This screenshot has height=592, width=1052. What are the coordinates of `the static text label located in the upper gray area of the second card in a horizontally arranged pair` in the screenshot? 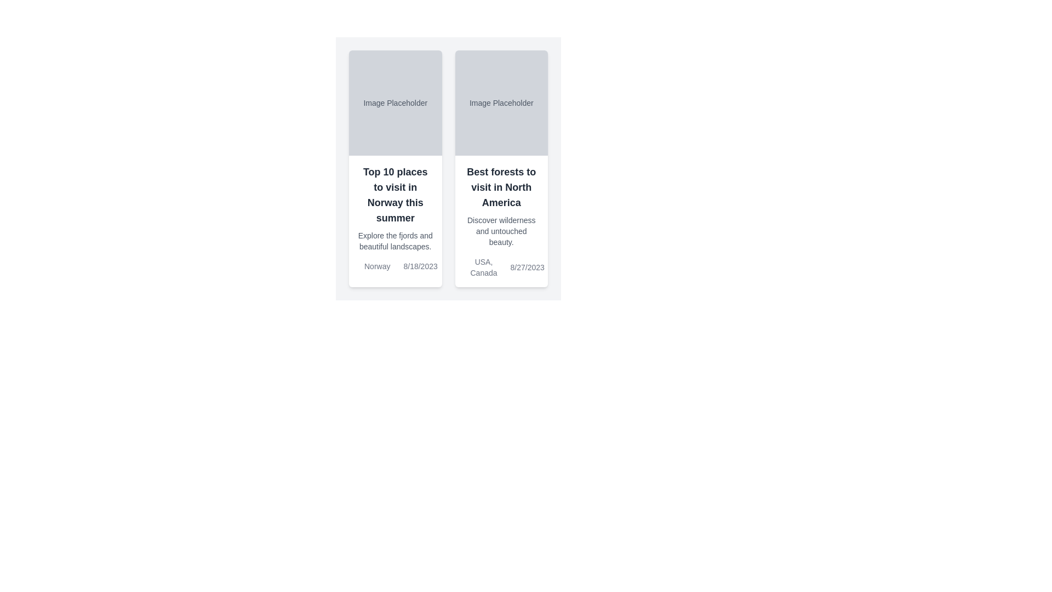 It's located at (501, 103).